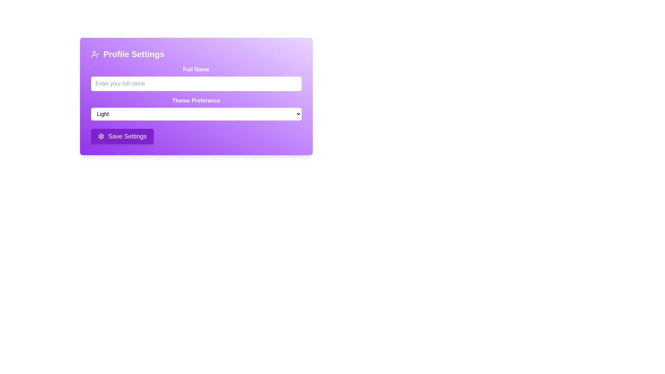 This screenshot has width=665, height=374. I want to click on the save button located at the bottom of the 'Profile Settings' section, so click(122, 136).